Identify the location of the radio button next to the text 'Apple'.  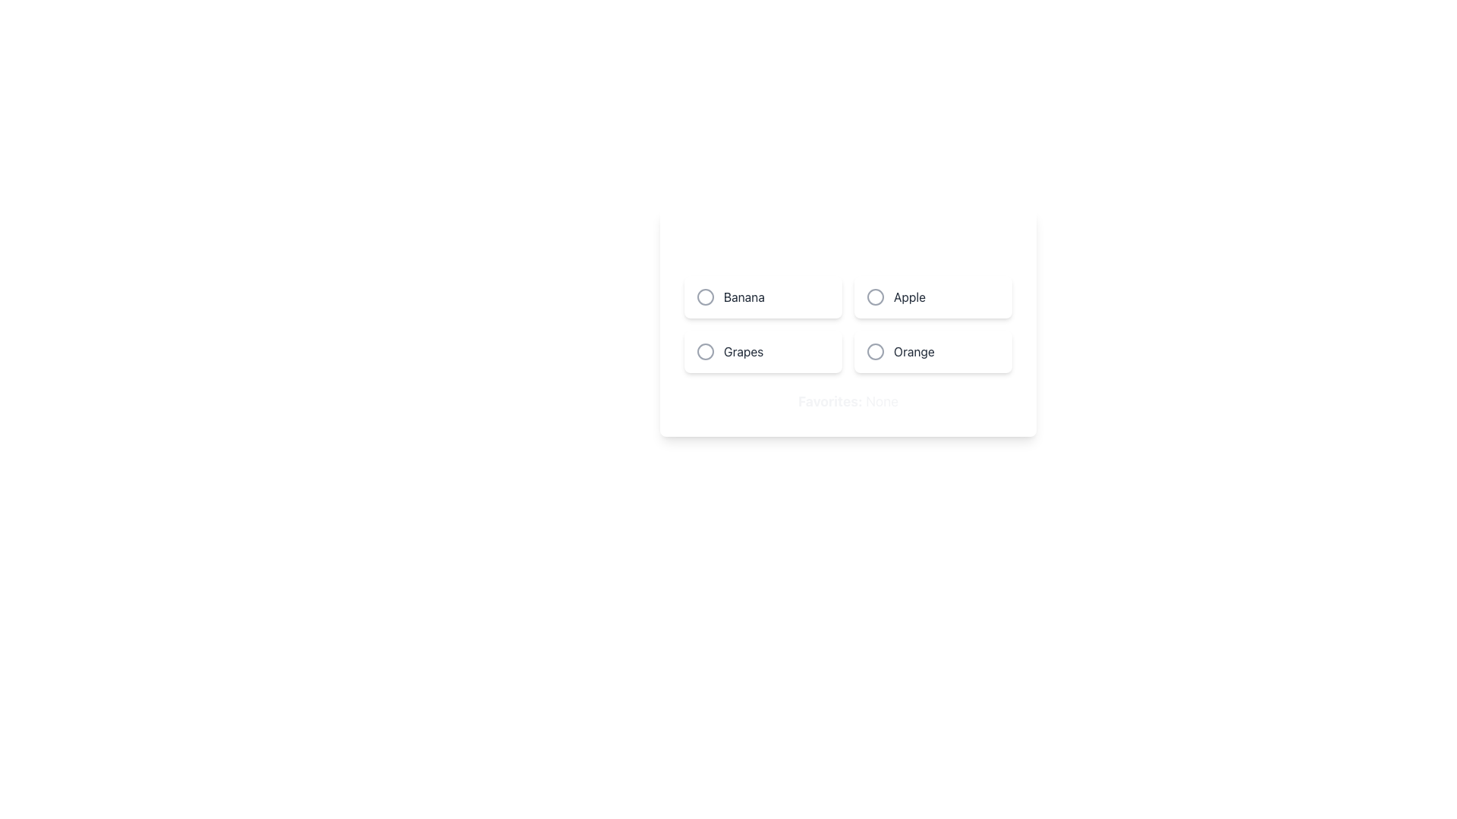
(875, 297).